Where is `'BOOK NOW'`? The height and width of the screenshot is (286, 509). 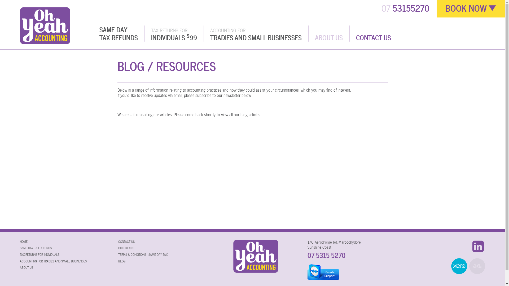 'BOOK NOW' is located at coordinates (436, 9).